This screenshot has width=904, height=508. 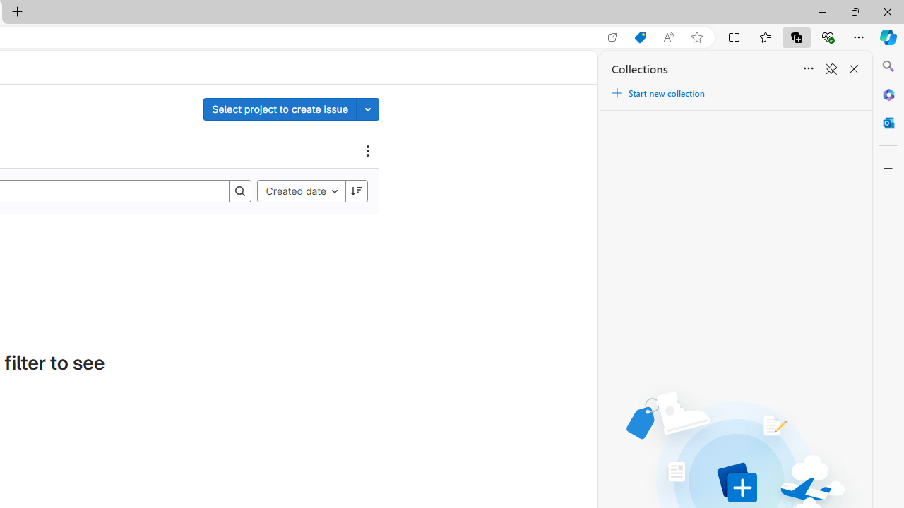 What do you see at coordinates (831, 69) in the screenshot?
I see `'Unpin Collections'` at bounding box center [831, 69].